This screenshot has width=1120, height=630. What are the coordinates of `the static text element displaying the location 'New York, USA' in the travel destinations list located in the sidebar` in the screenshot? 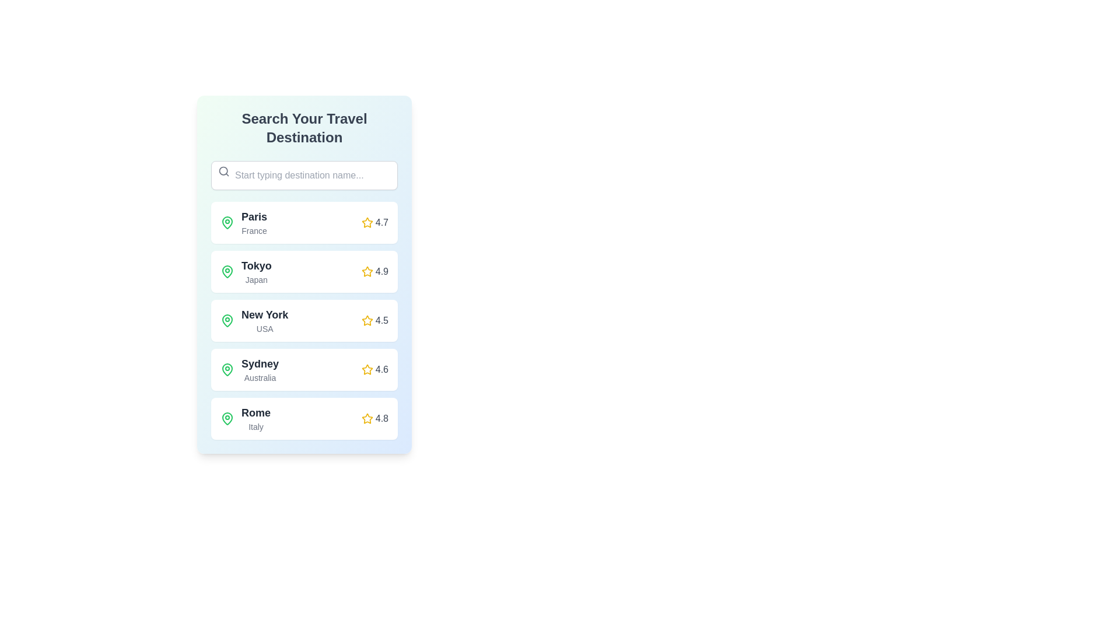 It's located at (264, 321).